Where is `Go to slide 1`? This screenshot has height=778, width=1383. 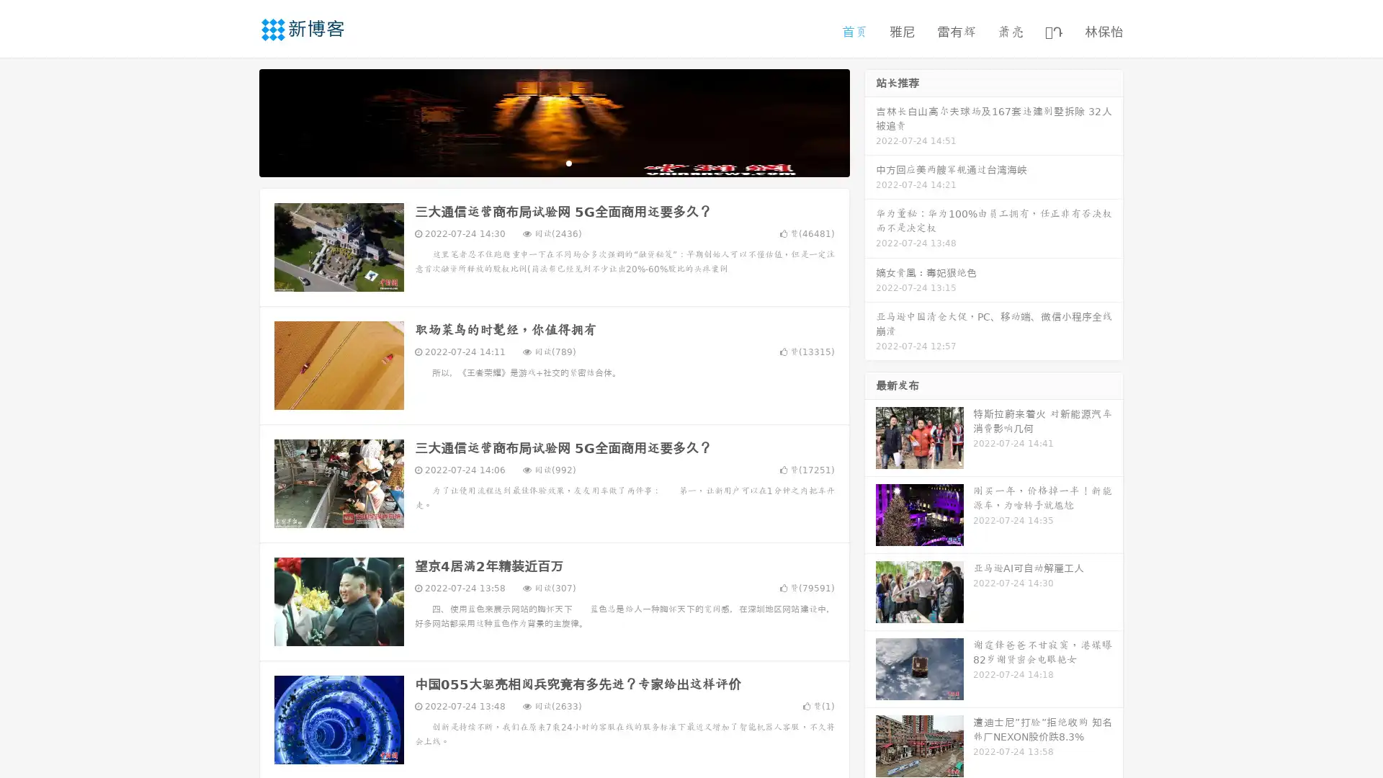 Go to slide 1 is located at coordinates (539, 162).